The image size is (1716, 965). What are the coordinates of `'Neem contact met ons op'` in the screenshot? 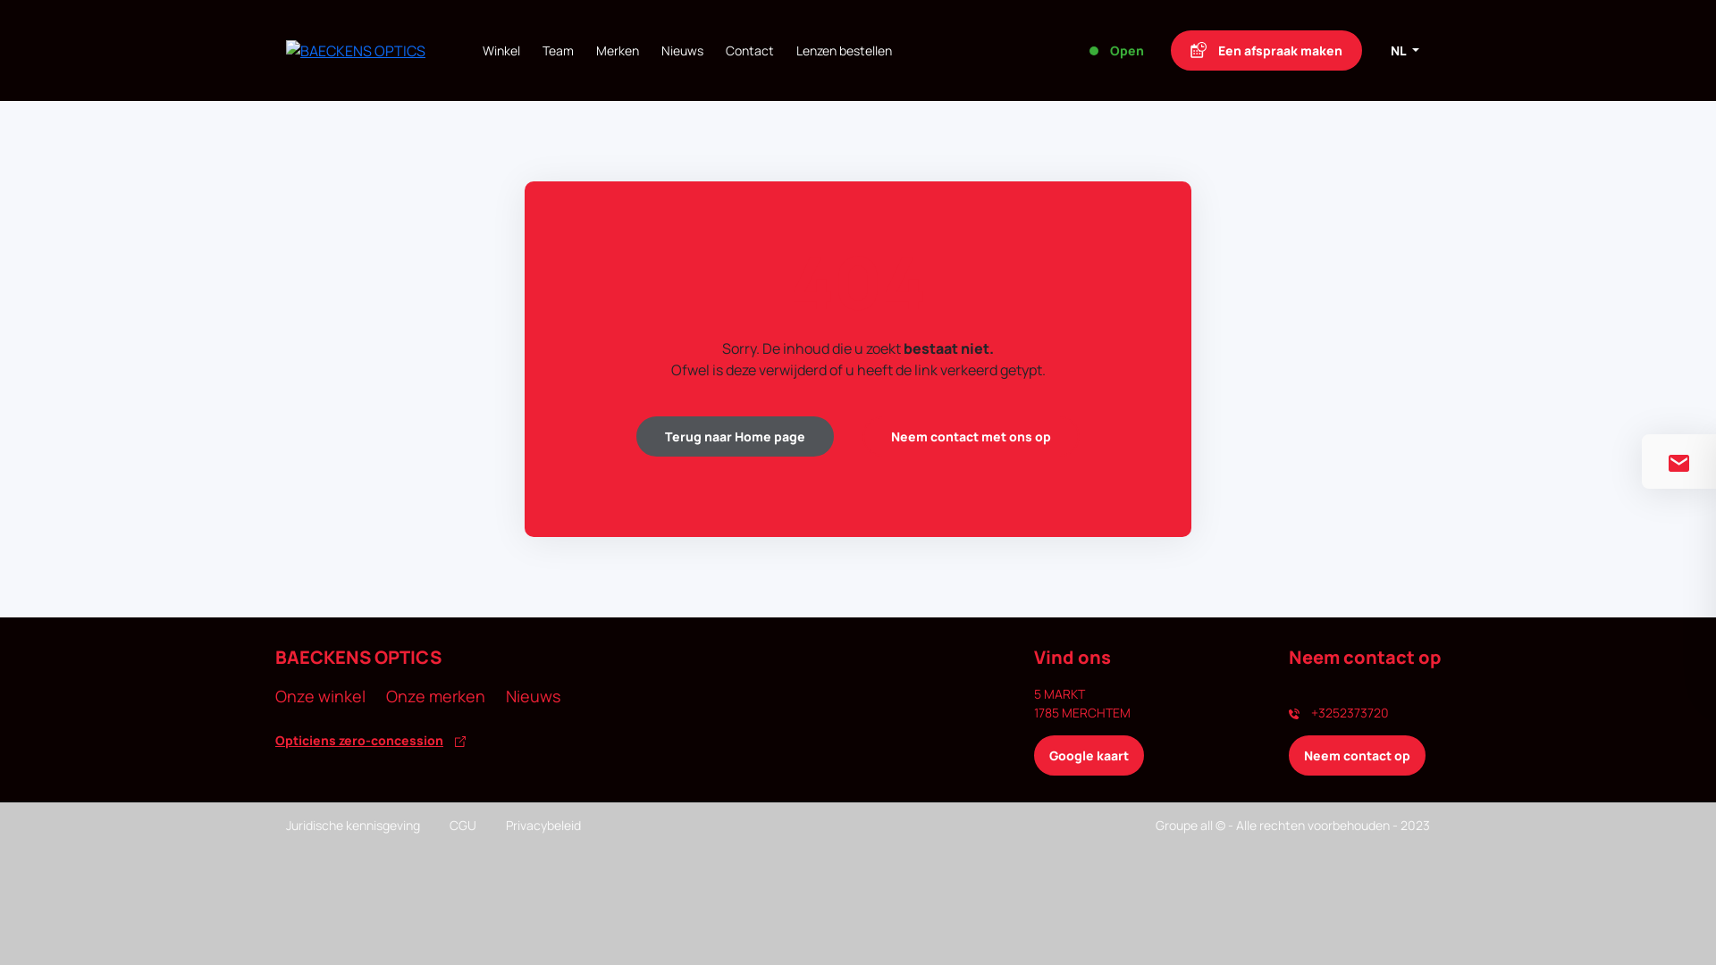 It's located at (970, 436).